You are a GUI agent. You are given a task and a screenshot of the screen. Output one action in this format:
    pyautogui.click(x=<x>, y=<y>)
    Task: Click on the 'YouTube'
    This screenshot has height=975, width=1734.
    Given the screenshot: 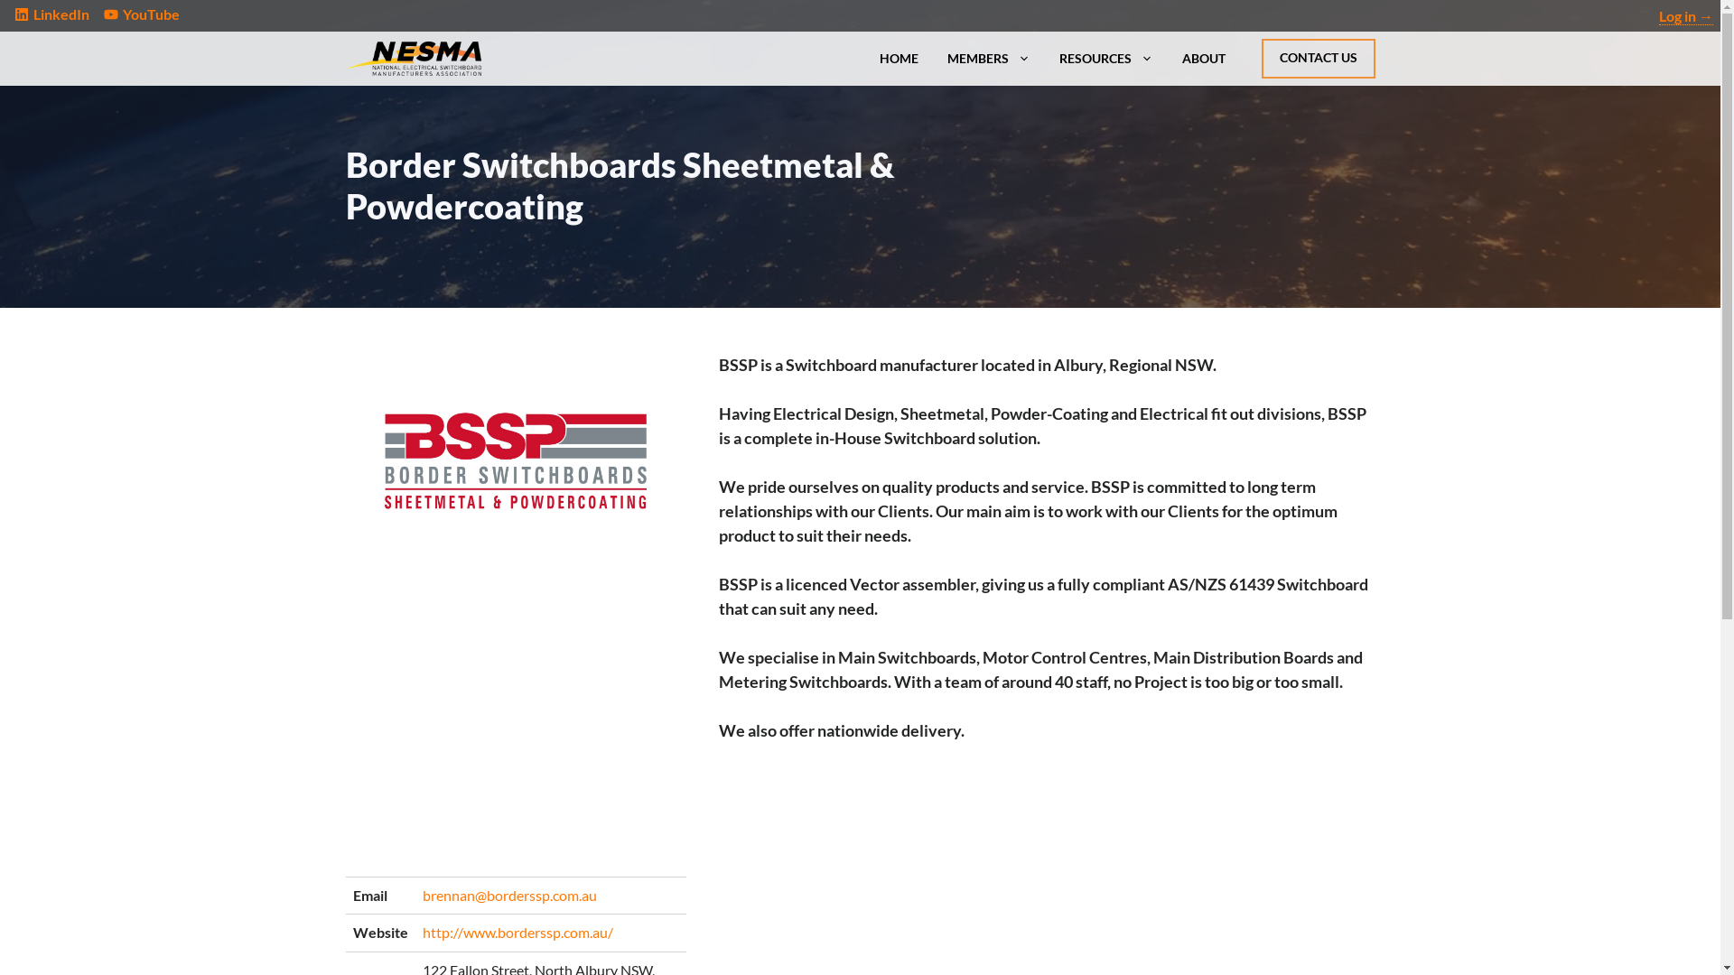 What is the action you would take?
    pyautogui.click(x=151, y=14)
    